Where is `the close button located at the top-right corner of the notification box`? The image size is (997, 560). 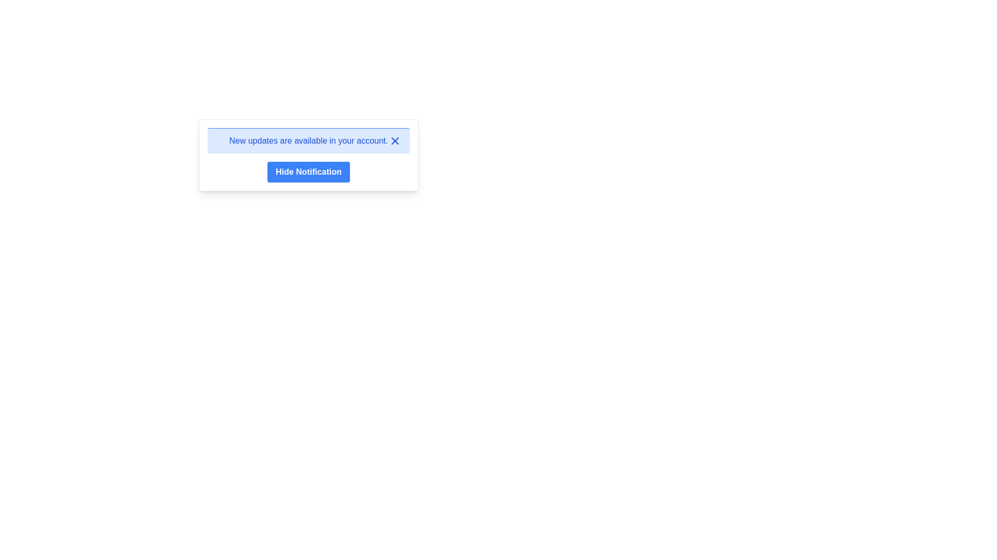
the close button located at the top-right corner of the notification box is located at coordinates (395, 141).